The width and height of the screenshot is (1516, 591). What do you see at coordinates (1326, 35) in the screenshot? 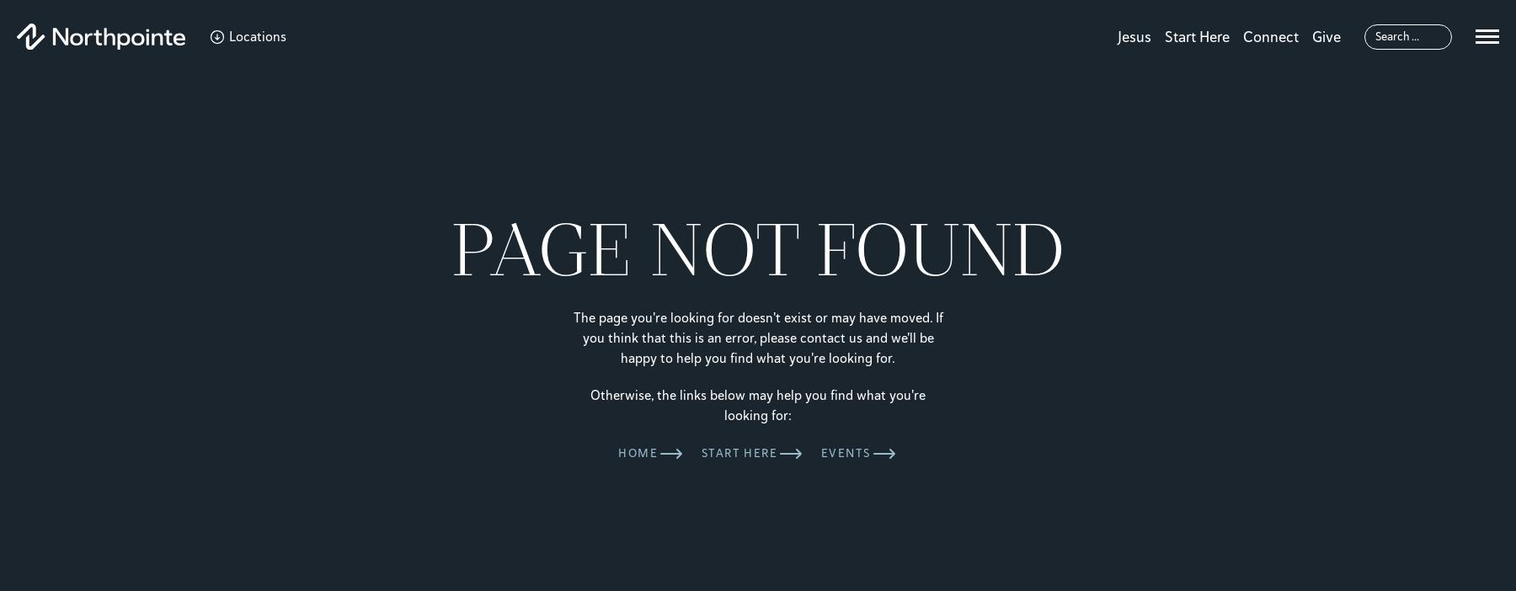
I see `'Give'` at bounding box center [1326, 35].